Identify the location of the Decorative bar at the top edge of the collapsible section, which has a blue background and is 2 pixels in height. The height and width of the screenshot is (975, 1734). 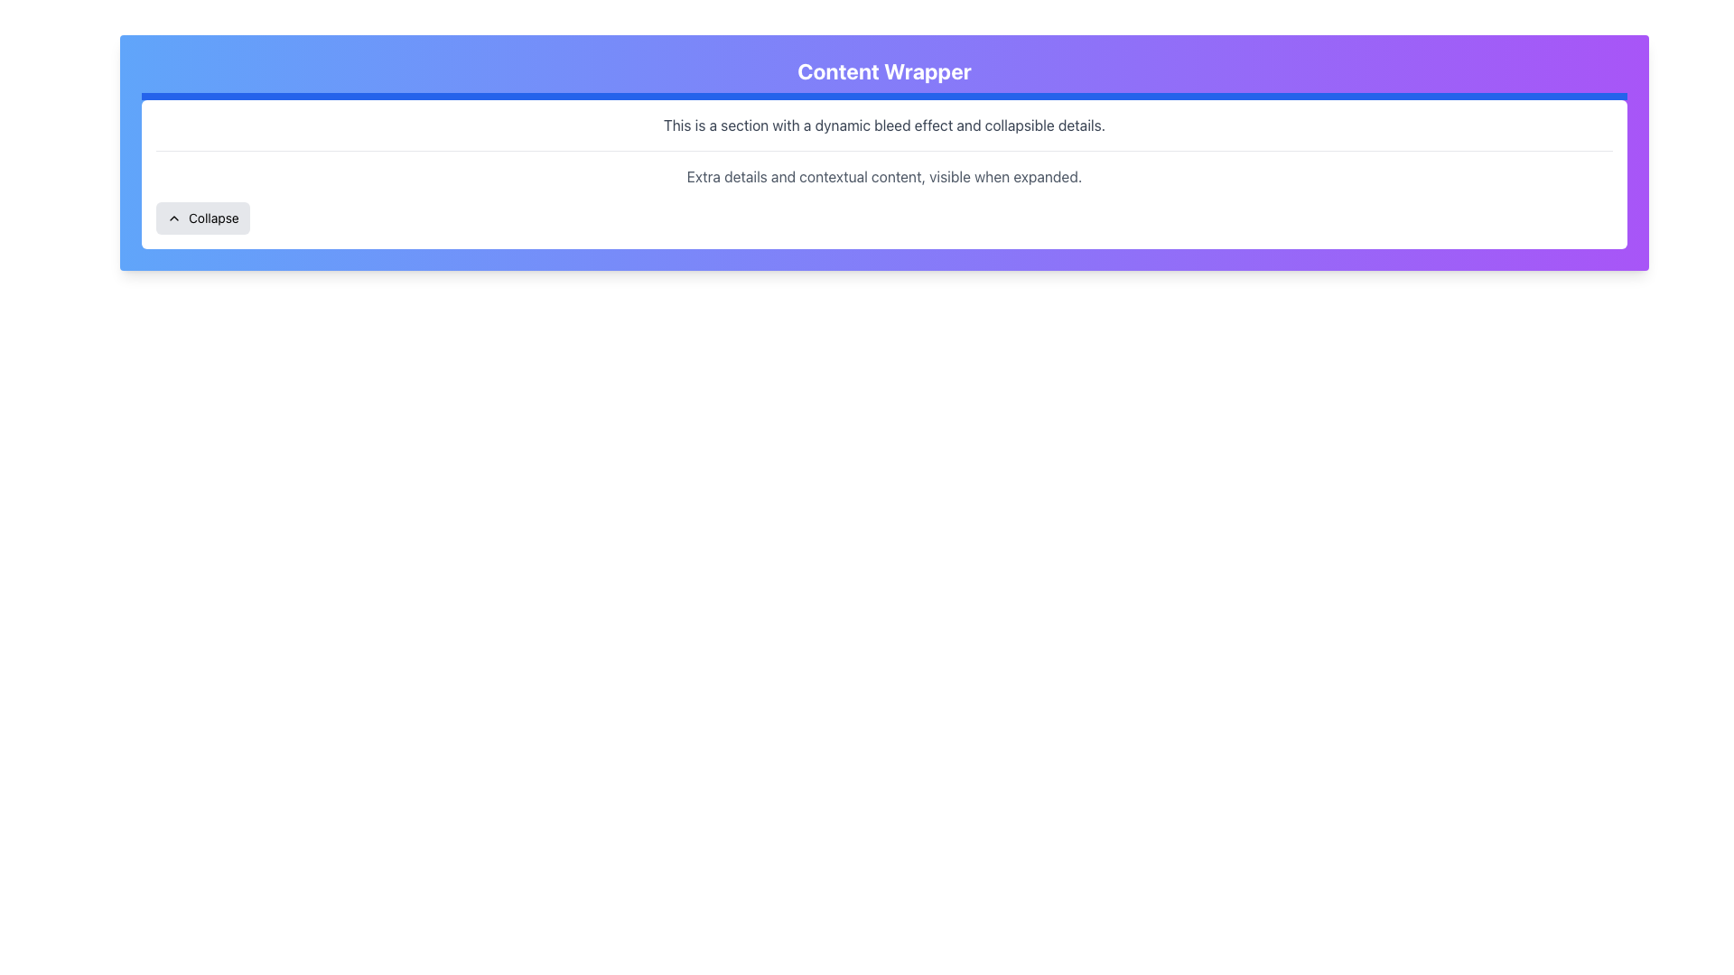
(884, 97).